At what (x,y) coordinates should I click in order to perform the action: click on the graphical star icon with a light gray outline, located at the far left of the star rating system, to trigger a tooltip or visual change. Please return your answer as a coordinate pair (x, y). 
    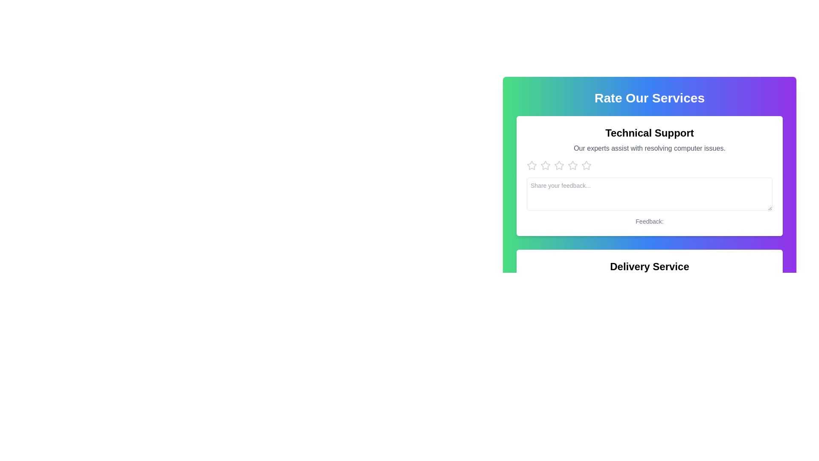
    Looking at the image, I should click on (531, 165).